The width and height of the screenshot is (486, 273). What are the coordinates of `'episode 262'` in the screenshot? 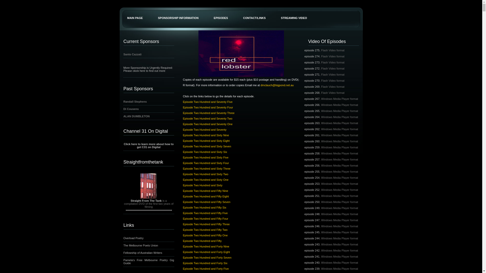 It's located at (312, 129).